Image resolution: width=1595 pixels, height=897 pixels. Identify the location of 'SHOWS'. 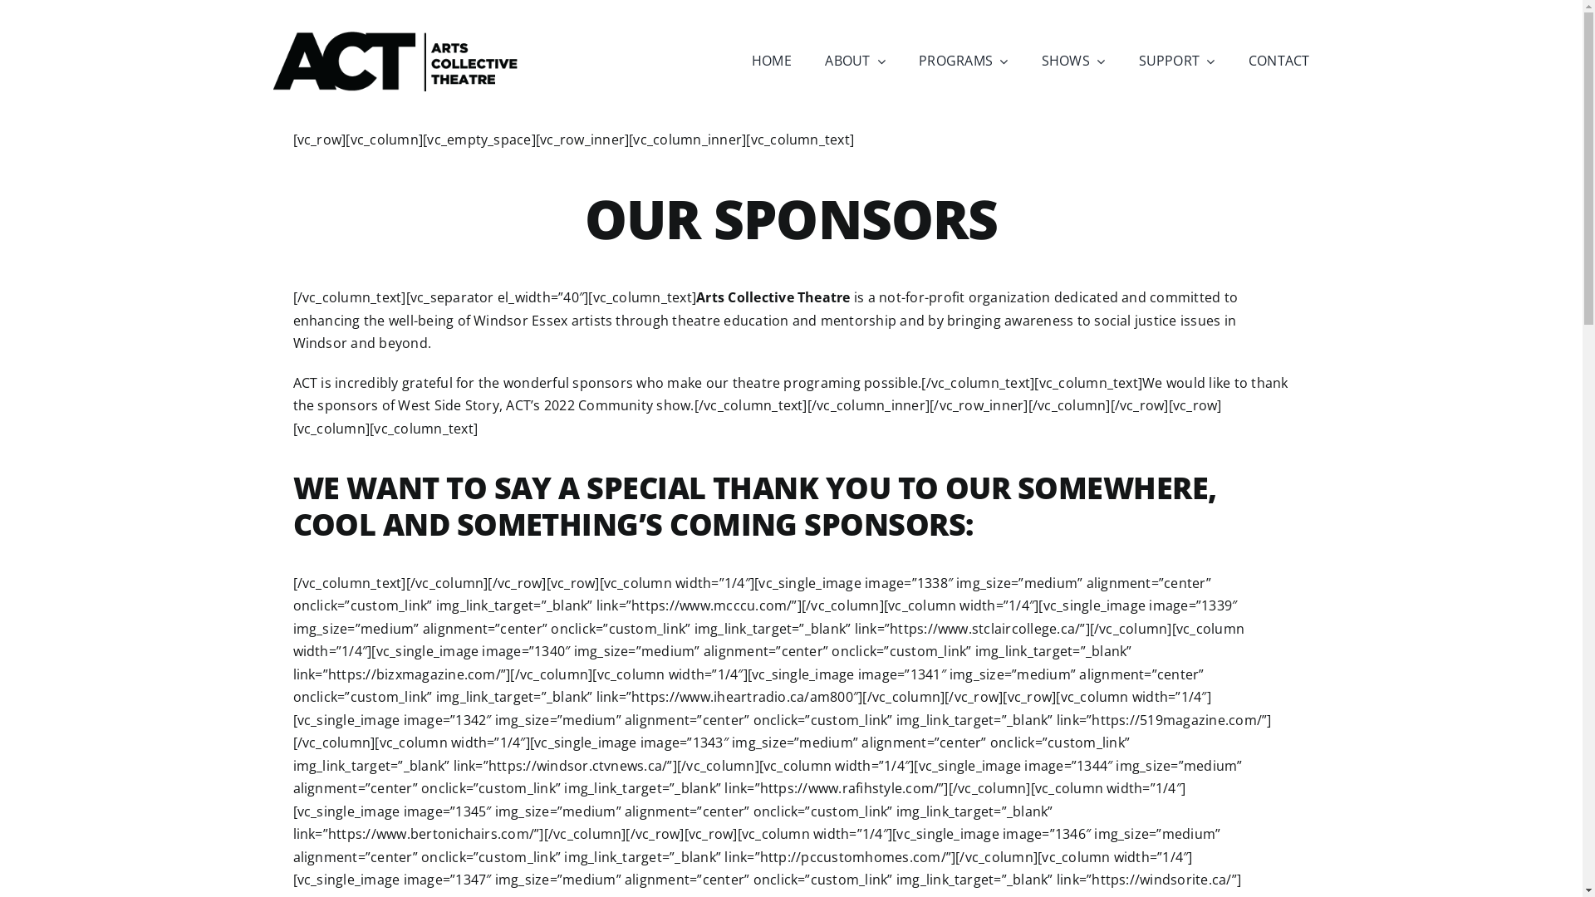
(1072, 60).